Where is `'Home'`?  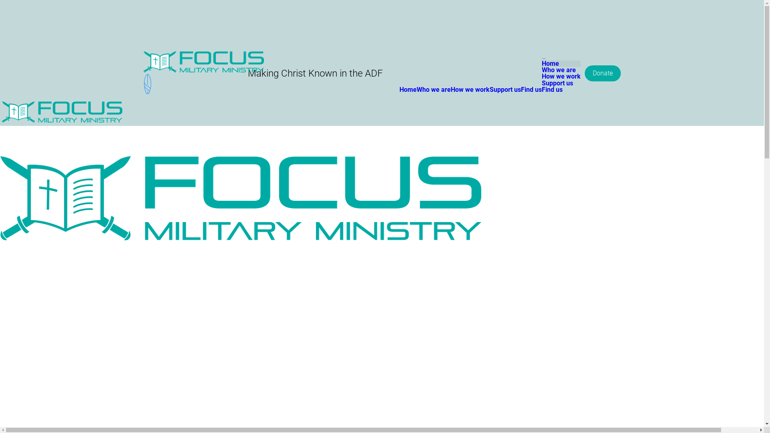 'Home' is located at coordinates (549, 63).